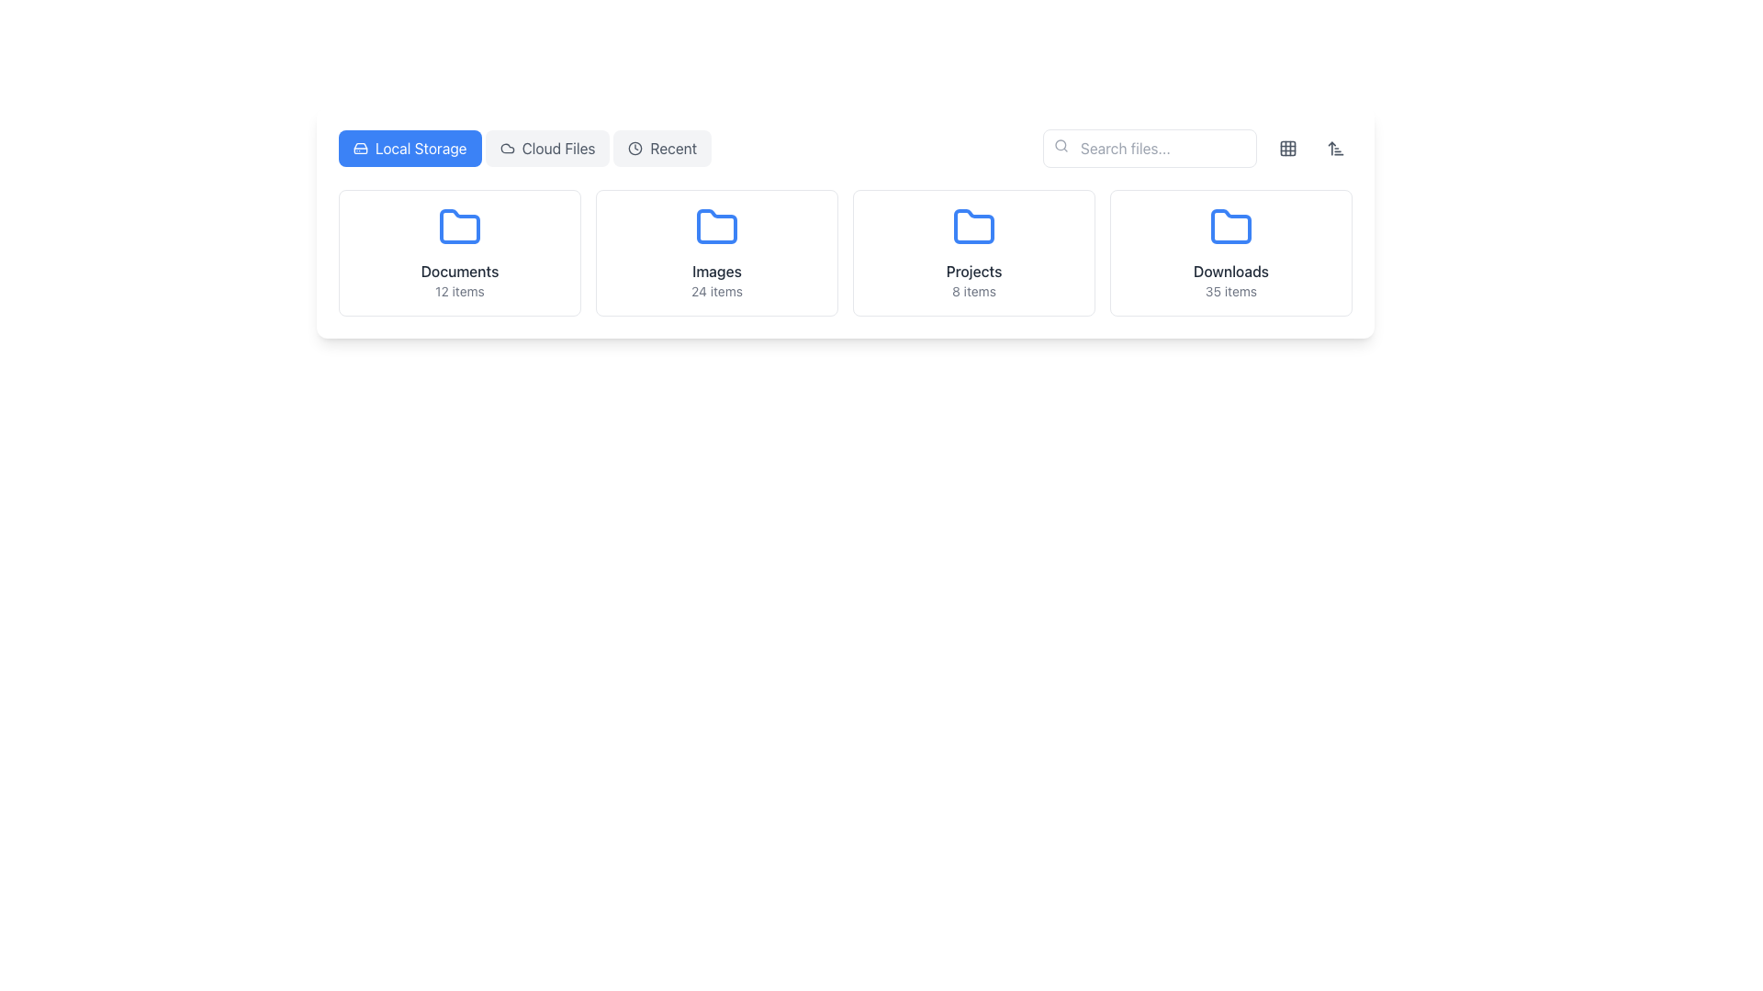 The width and height of the screenshot is (1763, 991). I want to click on the blue folder icon labeled 'Documents' in the first card of the horizontally arranged file categories, so click(459, 226).